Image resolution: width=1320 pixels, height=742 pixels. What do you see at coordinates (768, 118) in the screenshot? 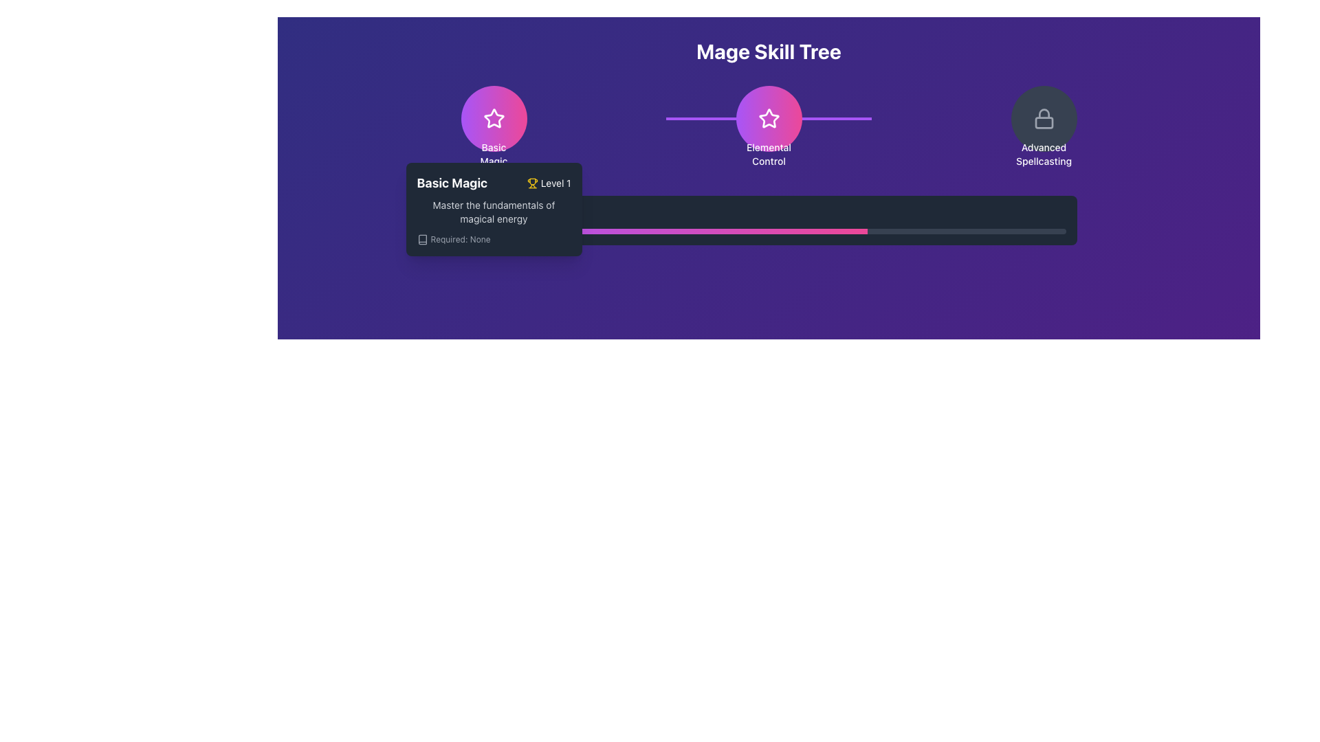
I see `the purple circular badge with a white star icon labeled 'Elemental Control'` at bounding box center [768, 118].